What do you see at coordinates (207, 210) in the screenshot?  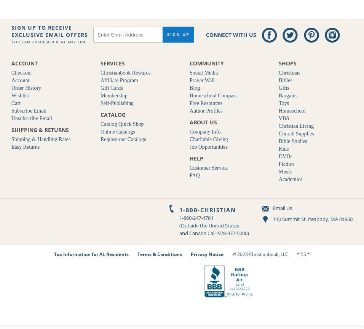 I see `'1-800-CHRISTIAN'` at bounding box center [207, 210].